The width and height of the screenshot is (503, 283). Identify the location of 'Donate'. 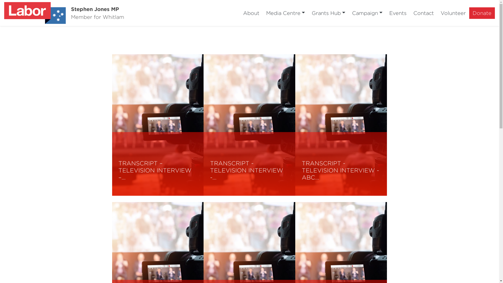
(469, 13).